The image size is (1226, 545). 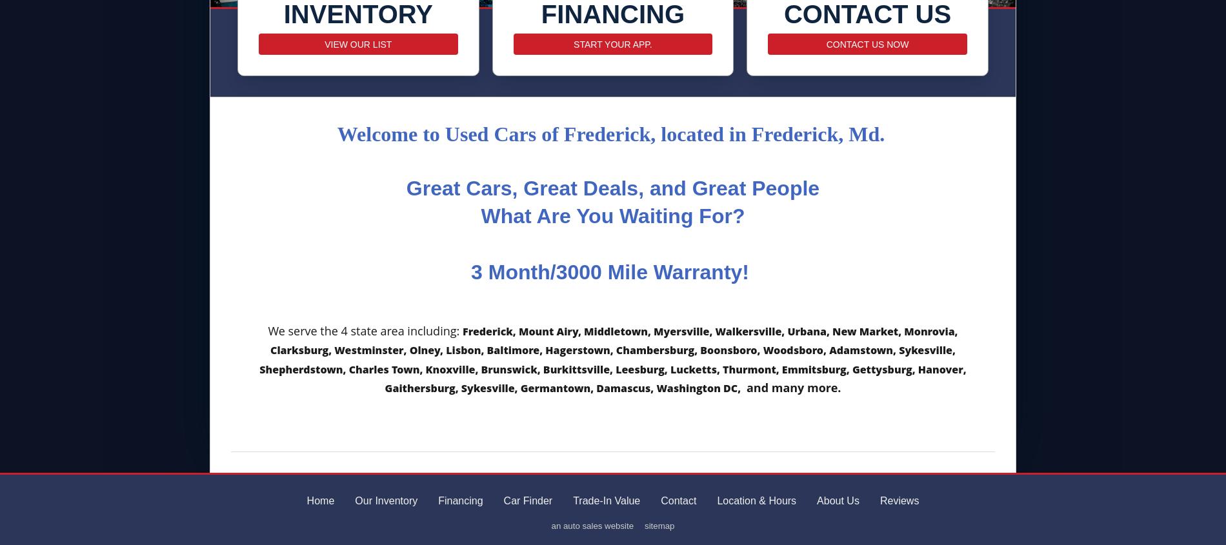 I want to click on 'Contact Us', so click(x=867, y=13).